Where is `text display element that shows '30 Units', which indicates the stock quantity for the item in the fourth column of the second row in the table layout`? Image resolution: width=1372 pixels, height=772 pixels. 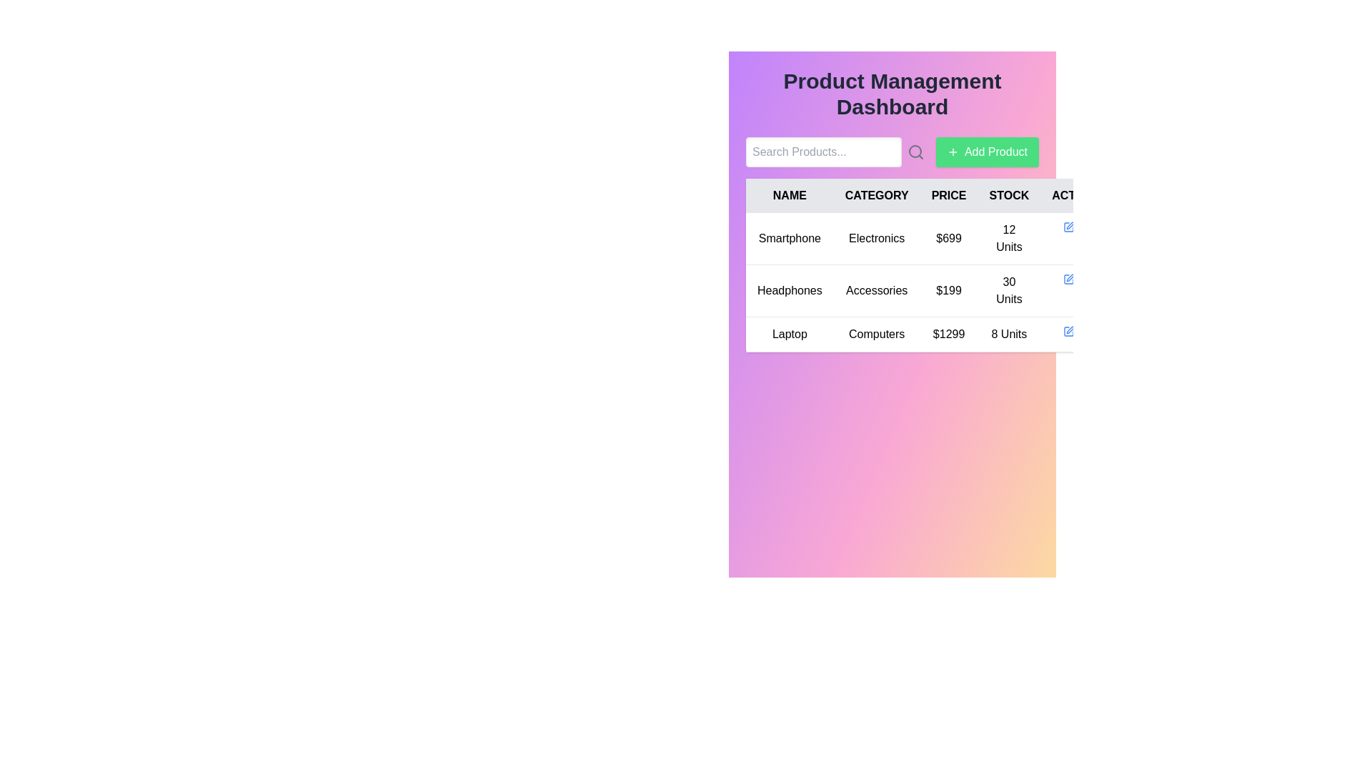 text display element that shows '30 Units', which indicates the stock quantity for the item in the fourth column of the second row in the table layout is located at coordinates (1008, 290).